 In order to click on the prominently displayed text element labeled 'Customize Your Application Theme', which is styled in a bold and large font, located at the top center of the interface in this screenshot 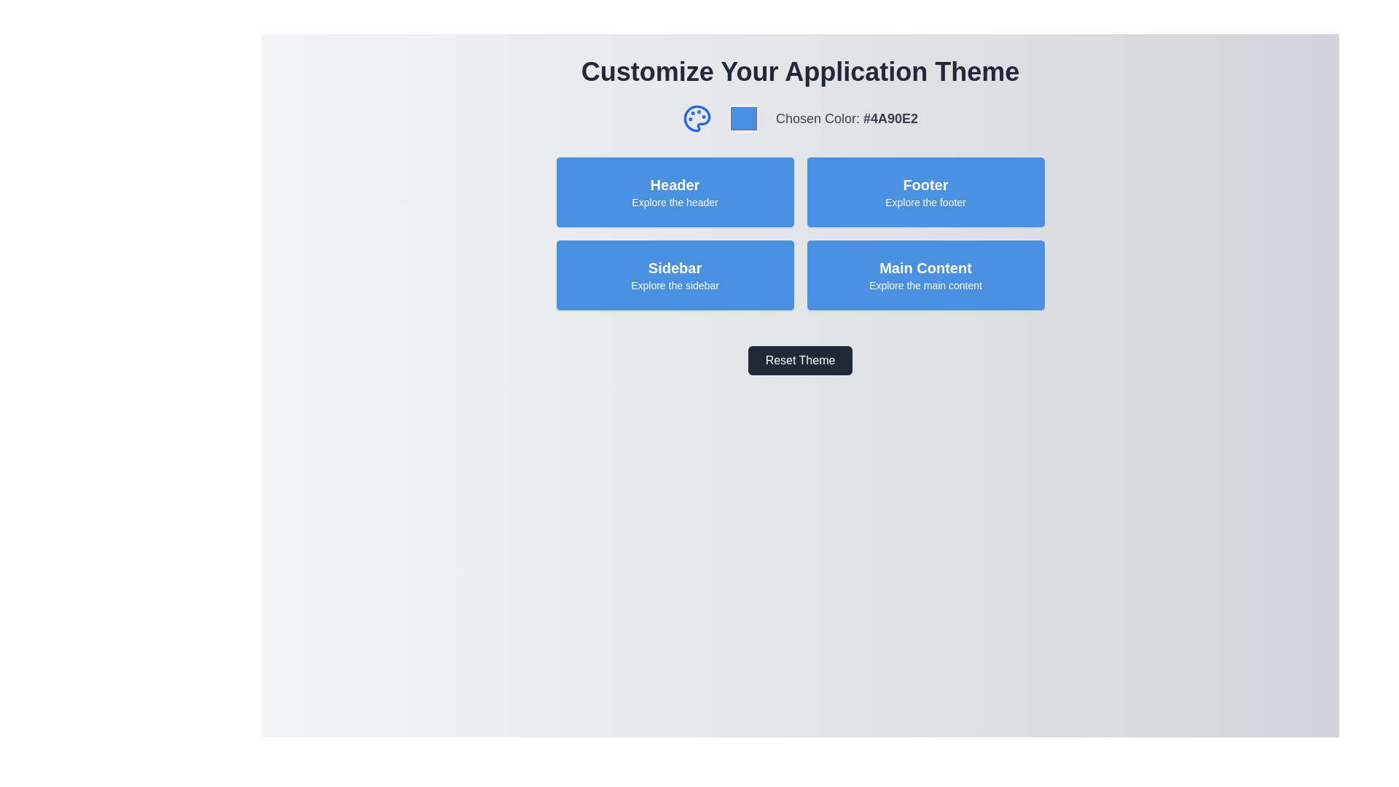, I will do `click(799, 72)`.